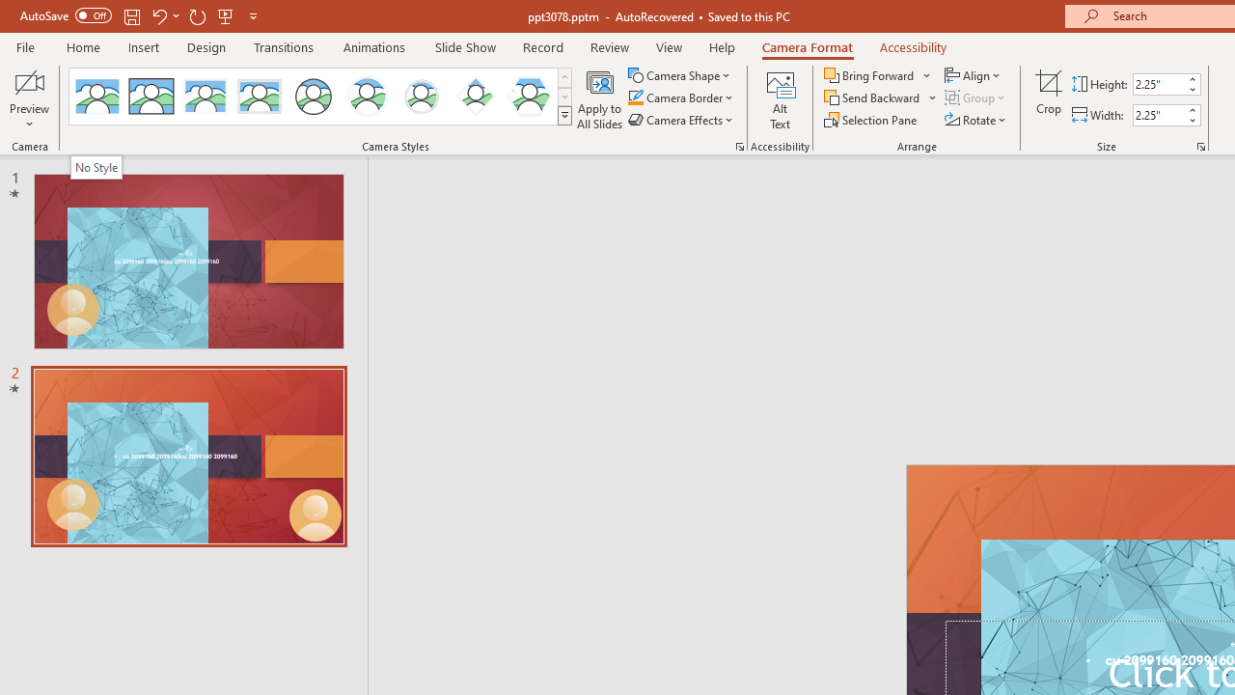 The image size is (1235, 695). I want to click on 'Row up', so click(563, 76).